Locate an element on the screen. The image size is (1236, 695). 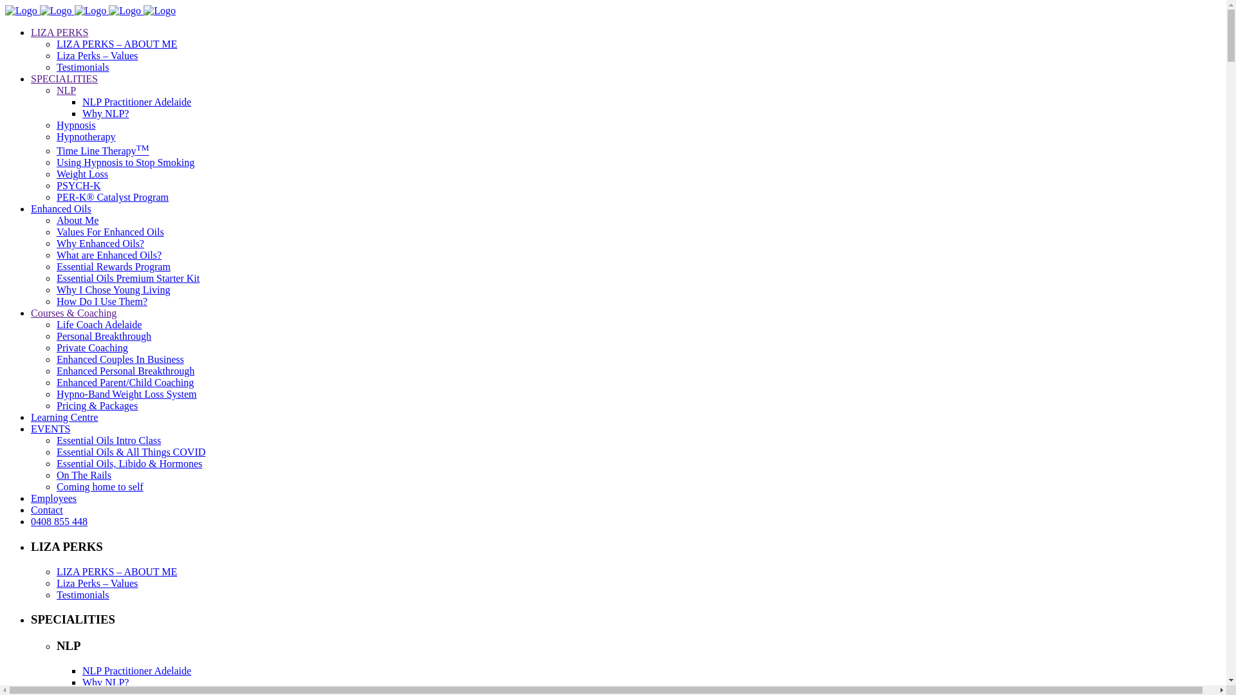
'SPECIALITIES' is located at coordinates (64, 79).